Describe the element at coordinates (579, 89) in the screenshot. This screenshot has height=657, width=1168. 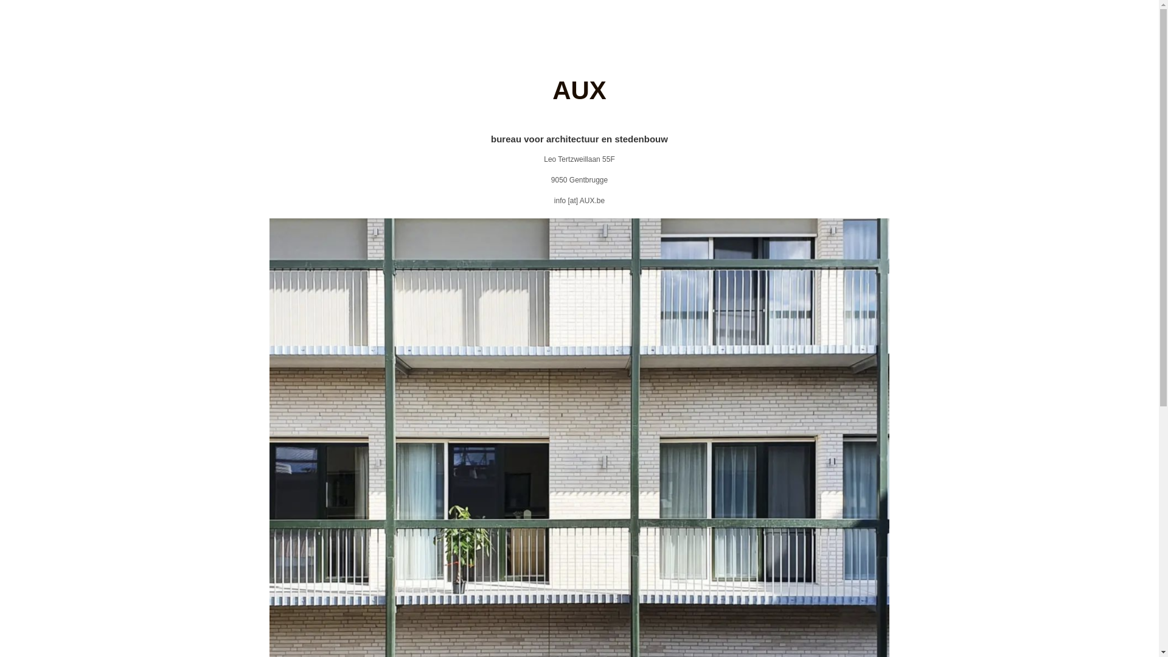
I see `'AUX'` at that location.